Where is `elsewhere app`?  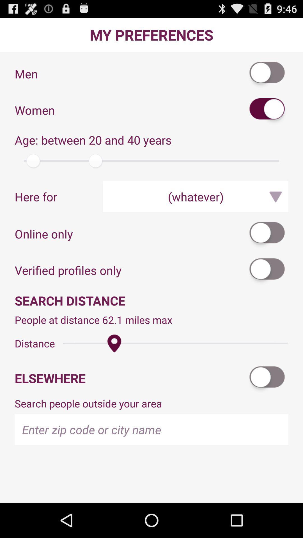 elsewhere app is located at coordinates (130, 378).